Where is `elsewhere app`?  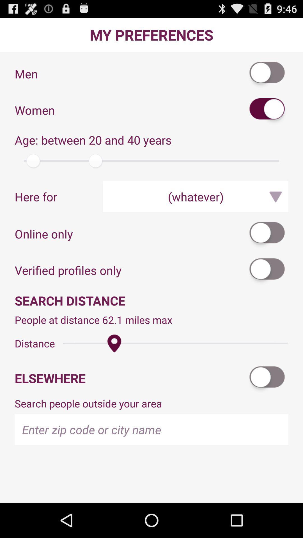 elsewhere app is located at coordinates (130, 378).